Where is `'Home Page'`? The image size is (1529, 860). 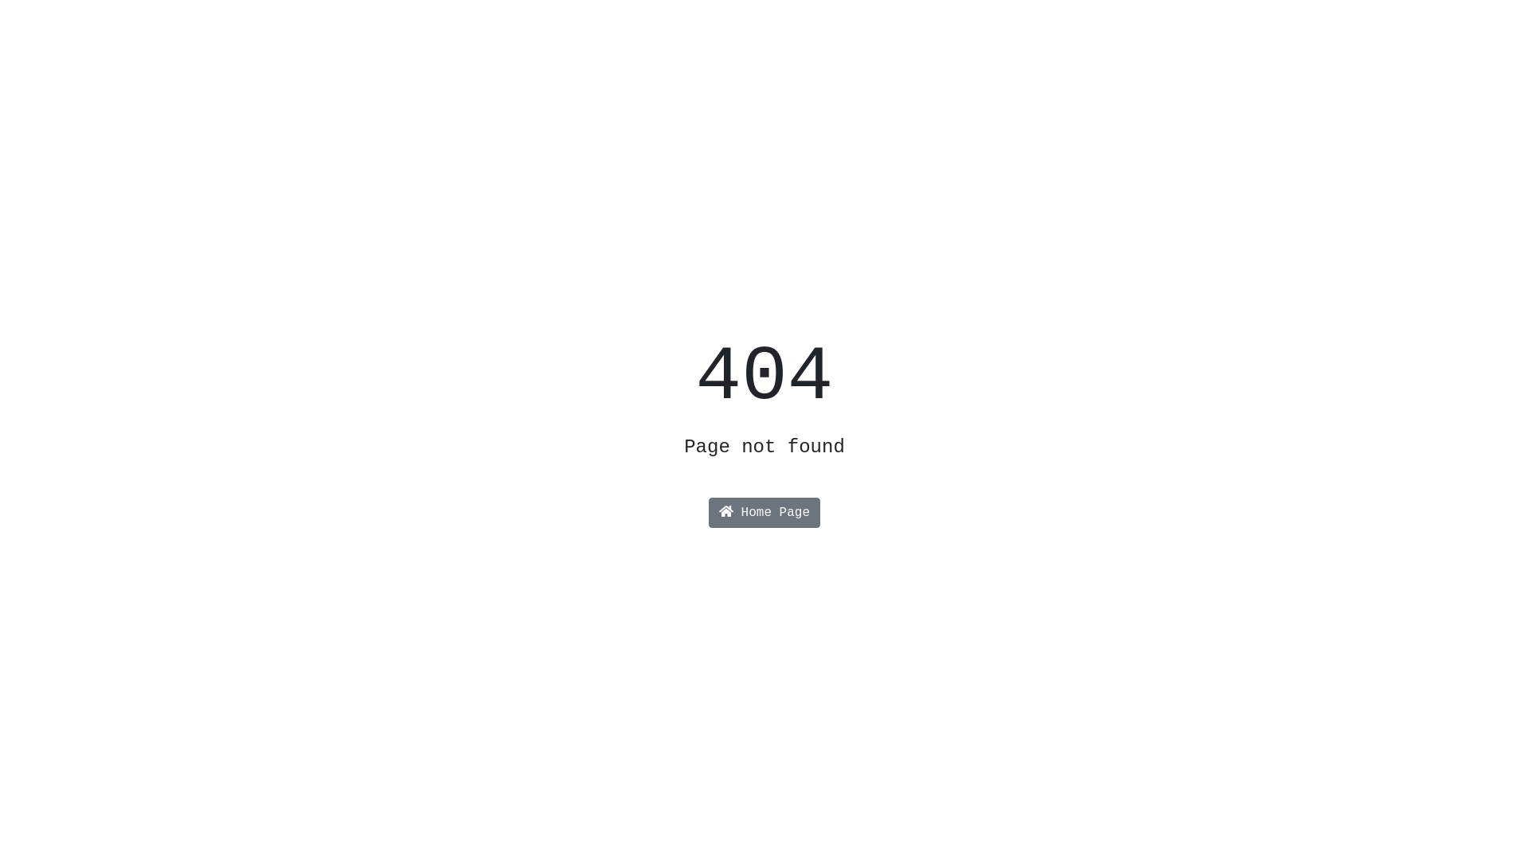
'Home Page' is located at coordinates (707, 513).